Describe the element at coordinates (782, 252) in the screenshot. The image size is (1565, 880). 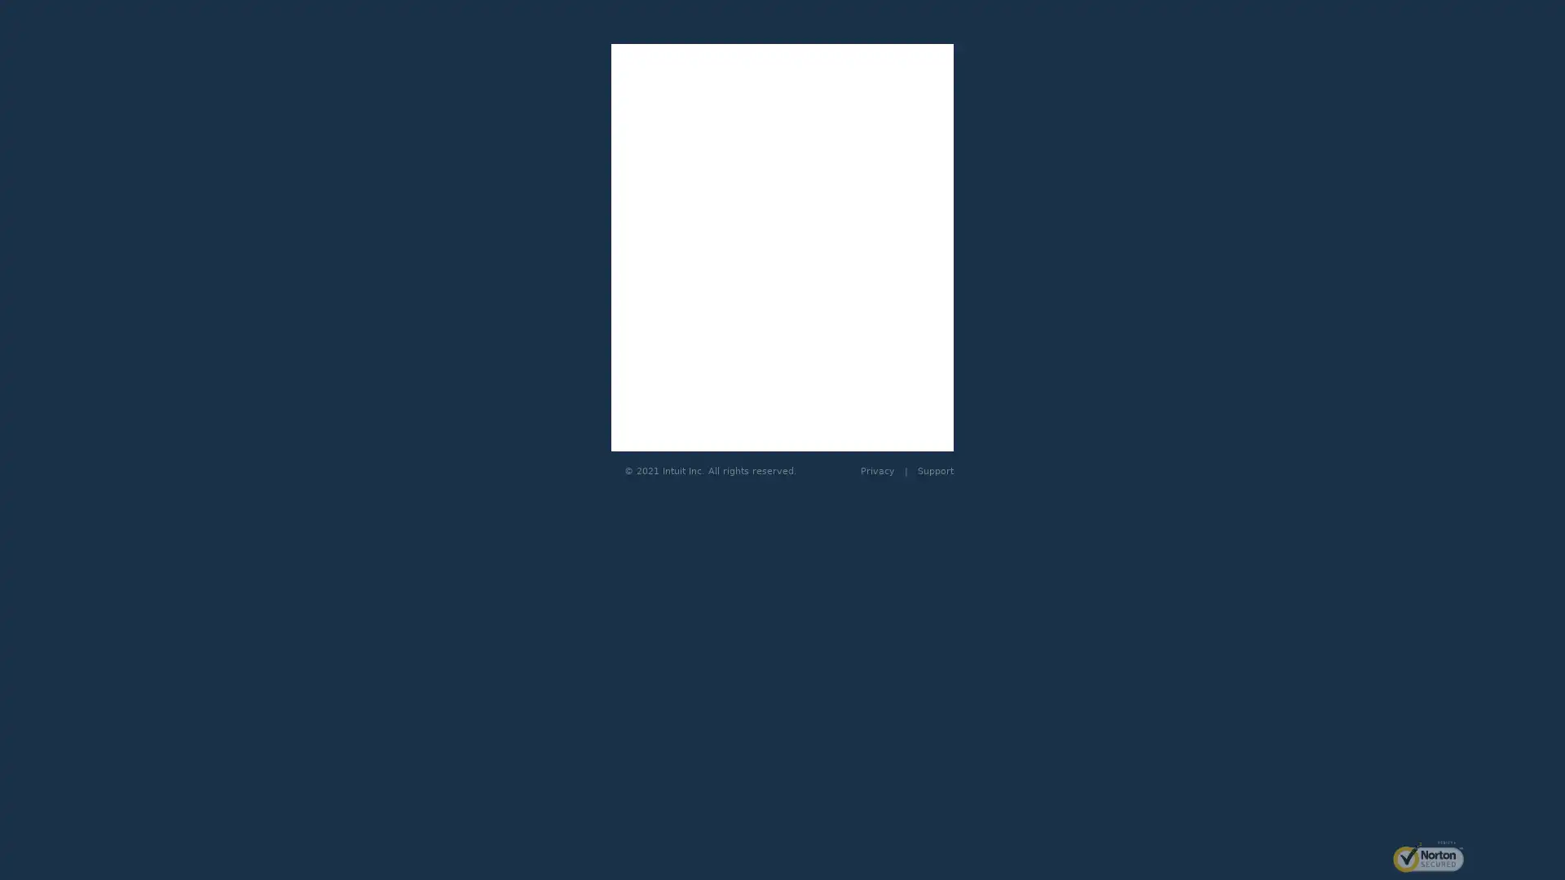
I see `Sign in with Google` at that location.